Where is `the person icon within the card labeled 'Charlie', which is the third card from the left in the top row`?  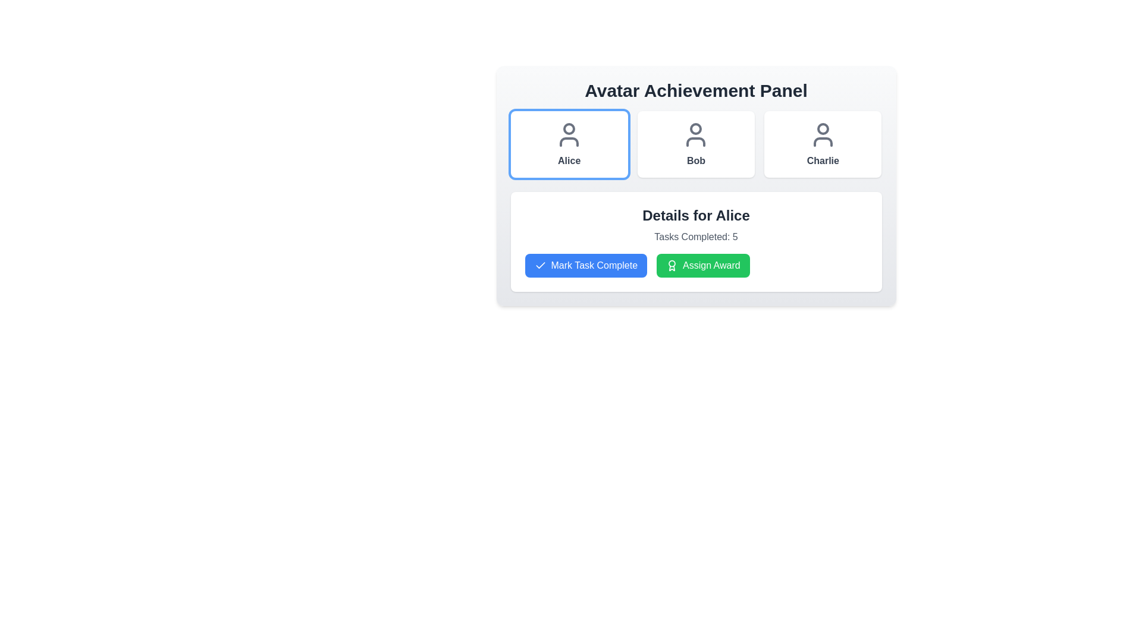
the person icon within the card labeled 'Charlie', which is the third card from the left in the top row is located at coordinates (822, 134).